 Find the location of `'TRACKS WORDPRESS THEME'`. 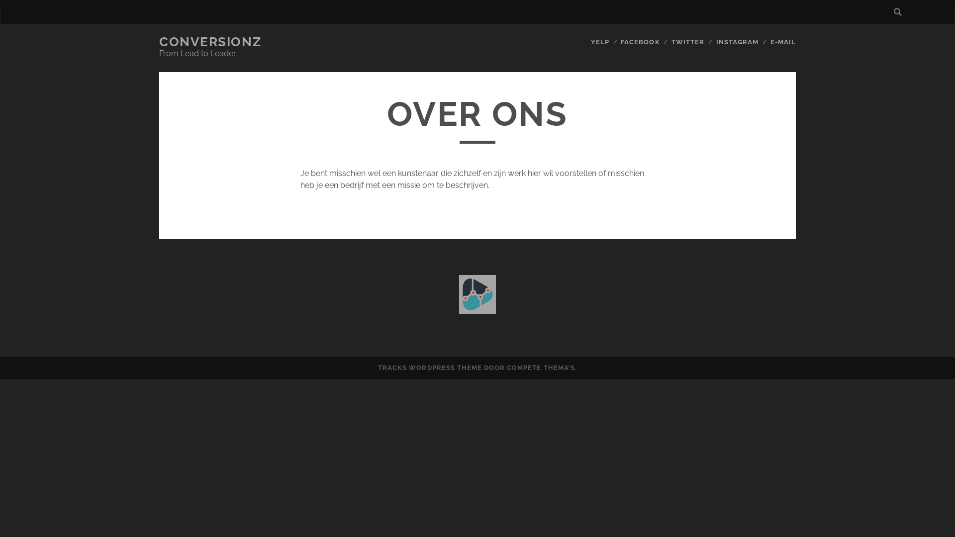

'TRACKS WORDPRESS THEME' is located at coordinates (430, 367).